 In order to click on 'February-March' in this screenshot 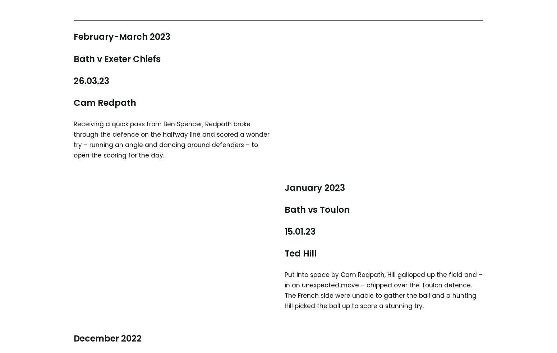, I will do `click(110, 36)`.